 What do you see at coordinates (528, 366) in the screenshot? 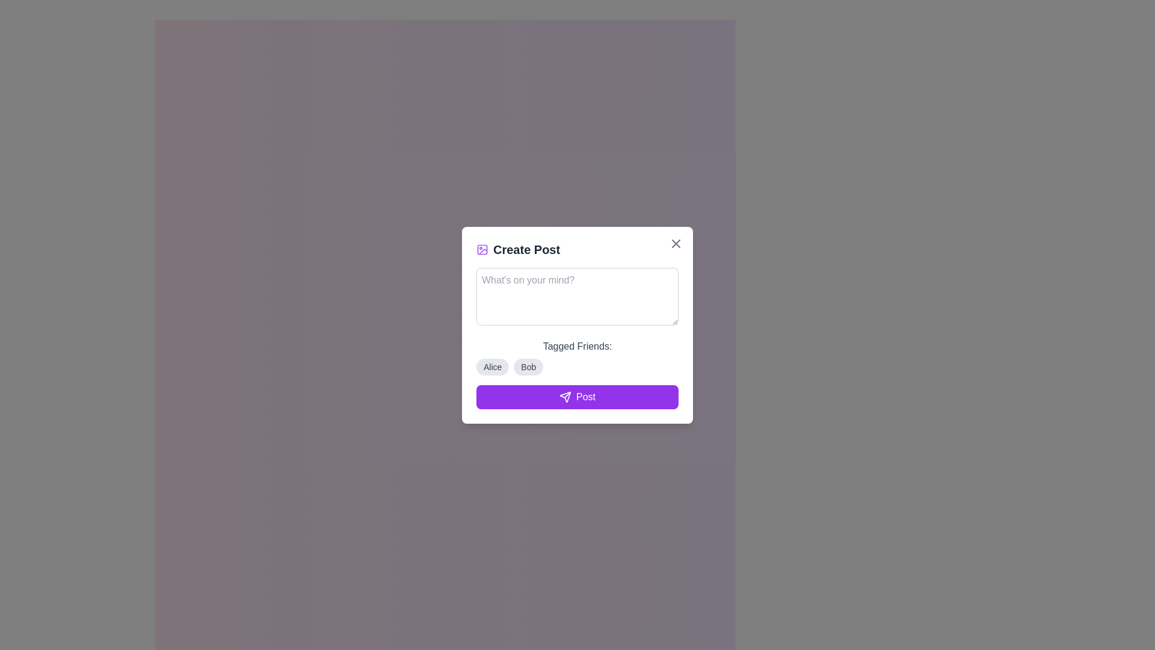
I see `the second interactive tag in the horizontal series of buttons, which represents a selected friend or associated entity` at bounding box center [528, 366].